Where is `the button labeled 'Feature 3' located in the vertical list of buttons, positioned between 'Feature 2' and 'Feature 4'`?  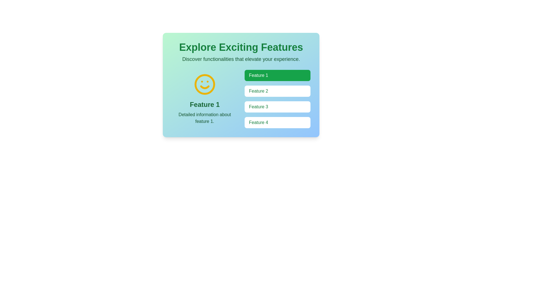
the button labeled 'Feature 3' located in the vertical list of buttons, positioned between 'Feature 2' and 'Feature 4' is located at coordinates (277, 107).